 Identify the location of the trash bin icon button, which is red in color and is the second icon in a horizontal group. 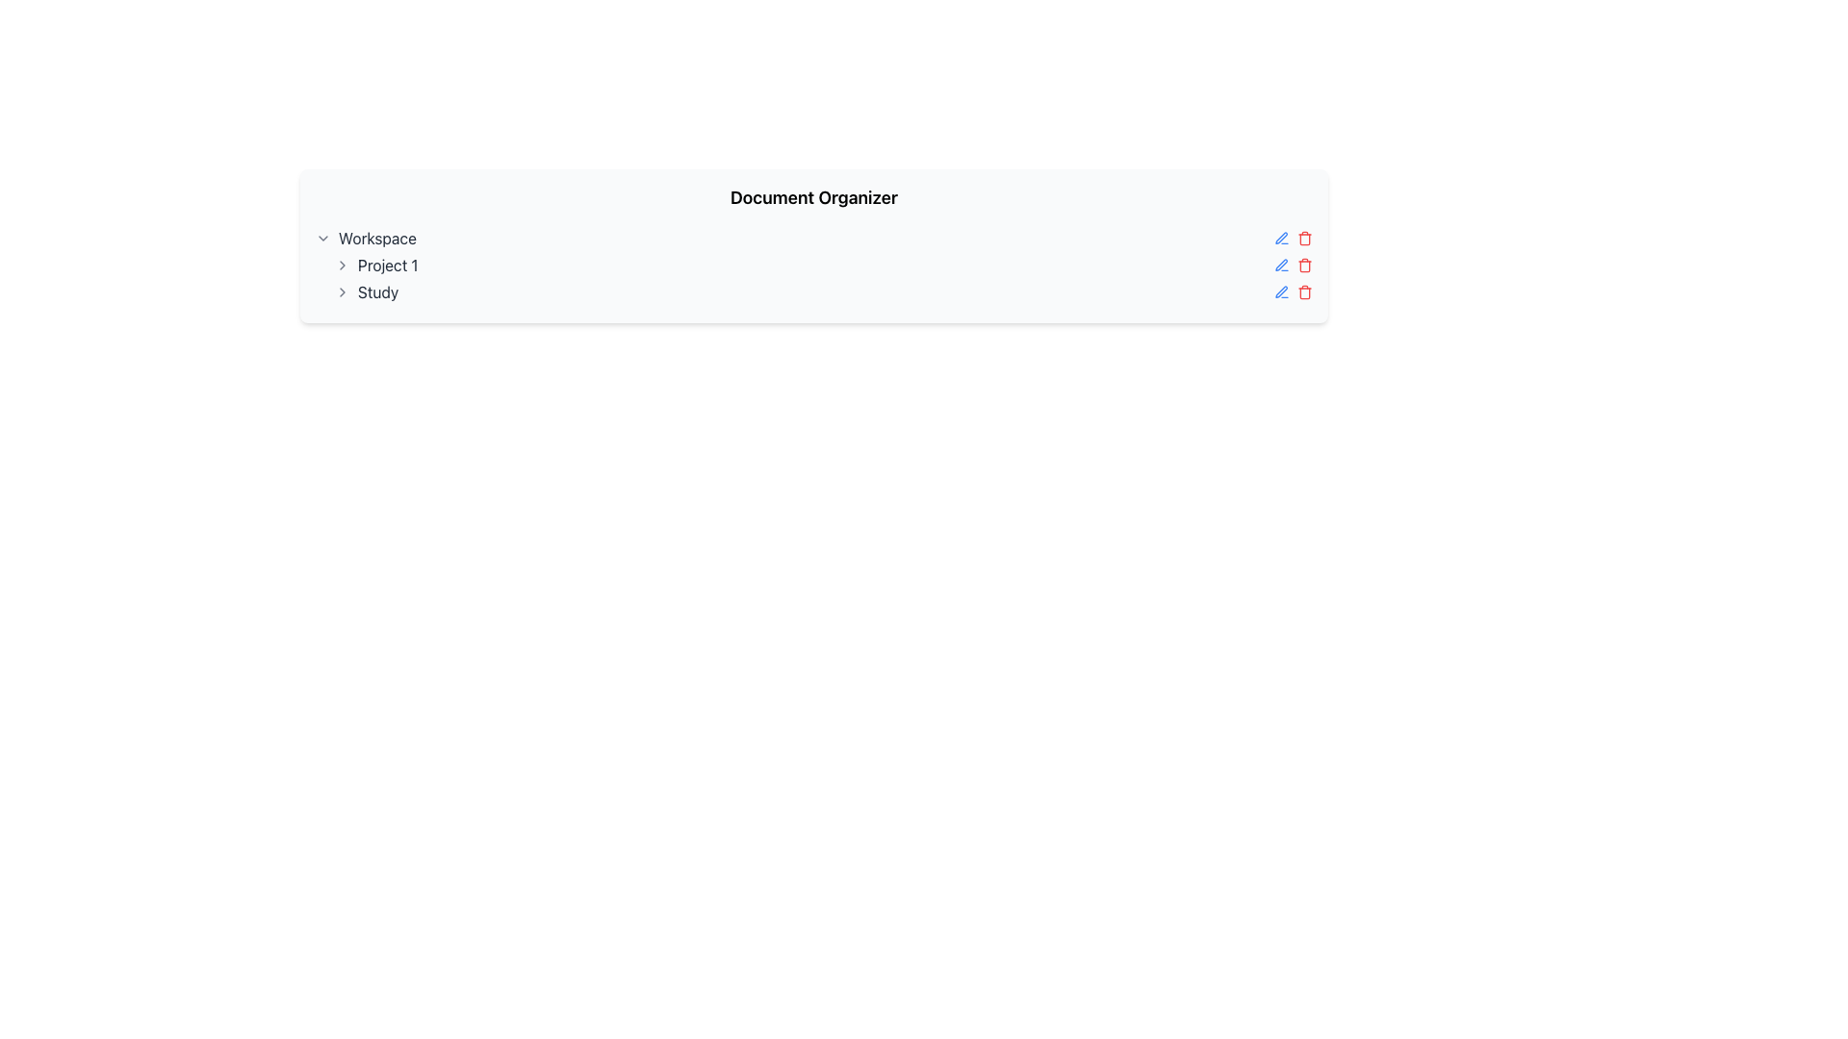
(1305, 266).